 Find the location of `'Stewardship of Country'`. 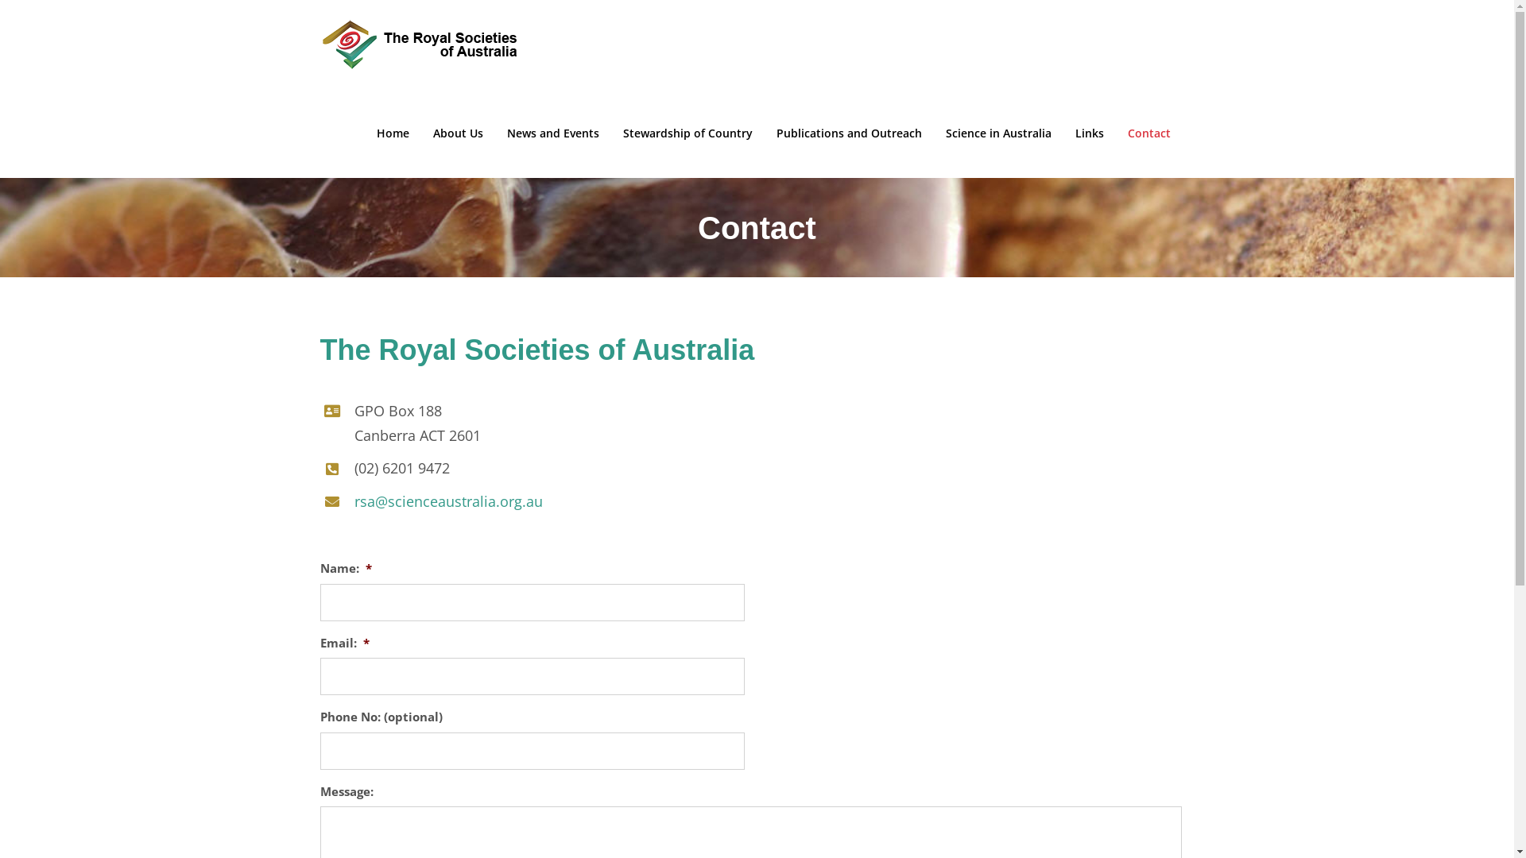

'Stewardship of Country' is located at coordinates (687, 133).